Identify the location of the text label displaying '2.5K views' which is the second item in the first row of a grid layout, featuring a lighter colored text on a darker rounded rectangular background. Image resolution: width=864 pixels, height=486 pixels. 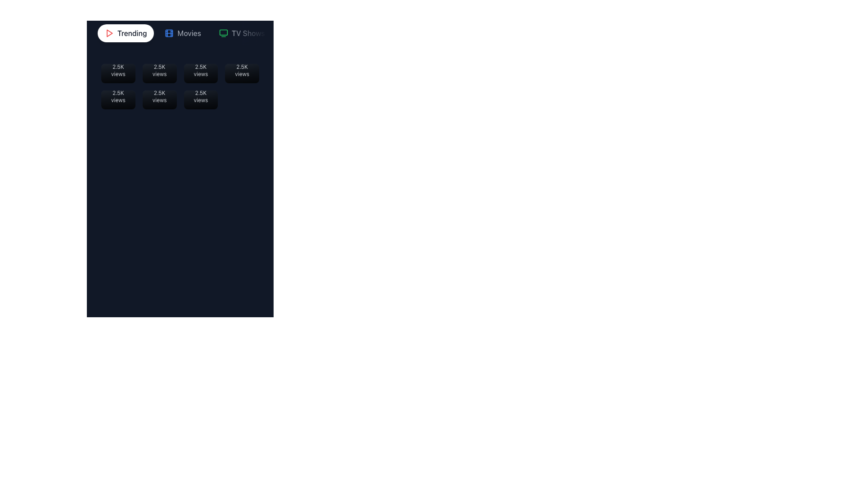
(159, 73).